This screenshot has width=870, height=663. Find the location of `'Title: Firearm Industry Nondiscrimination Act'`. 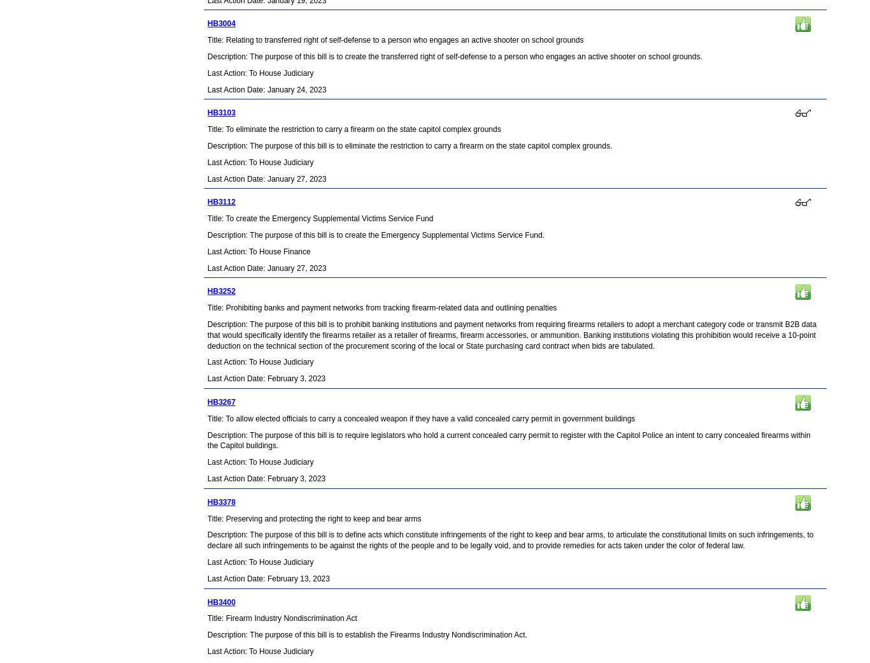

'Title: Firearm Industry Nondiscrimination Act' is located at coordinates (281, 618).